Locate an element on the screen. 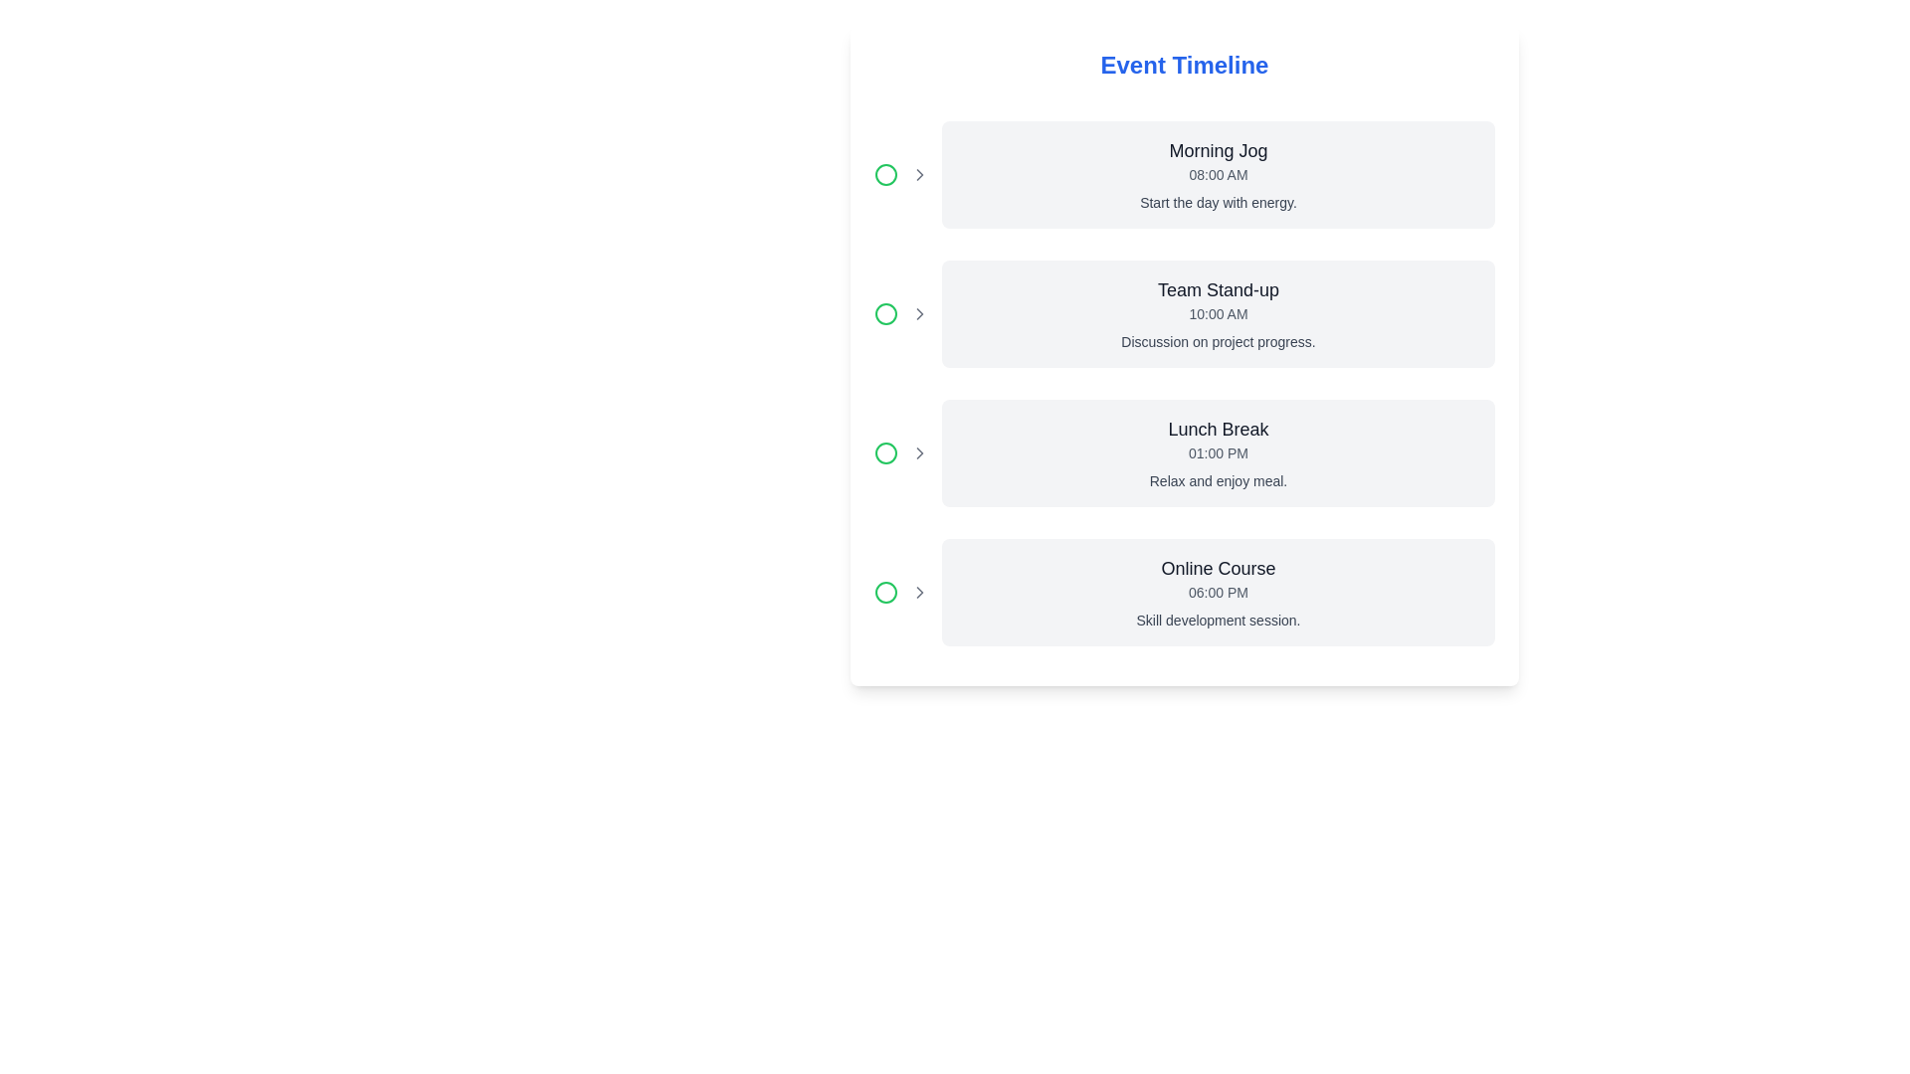 The height and width of the screenshot is (1074, 1910). the SVG circle element that visually represents the status of an event in the timeline, located to the left of the 'Lunch Break' entry and positioned third among similar components is located at coordinates (885, 452).